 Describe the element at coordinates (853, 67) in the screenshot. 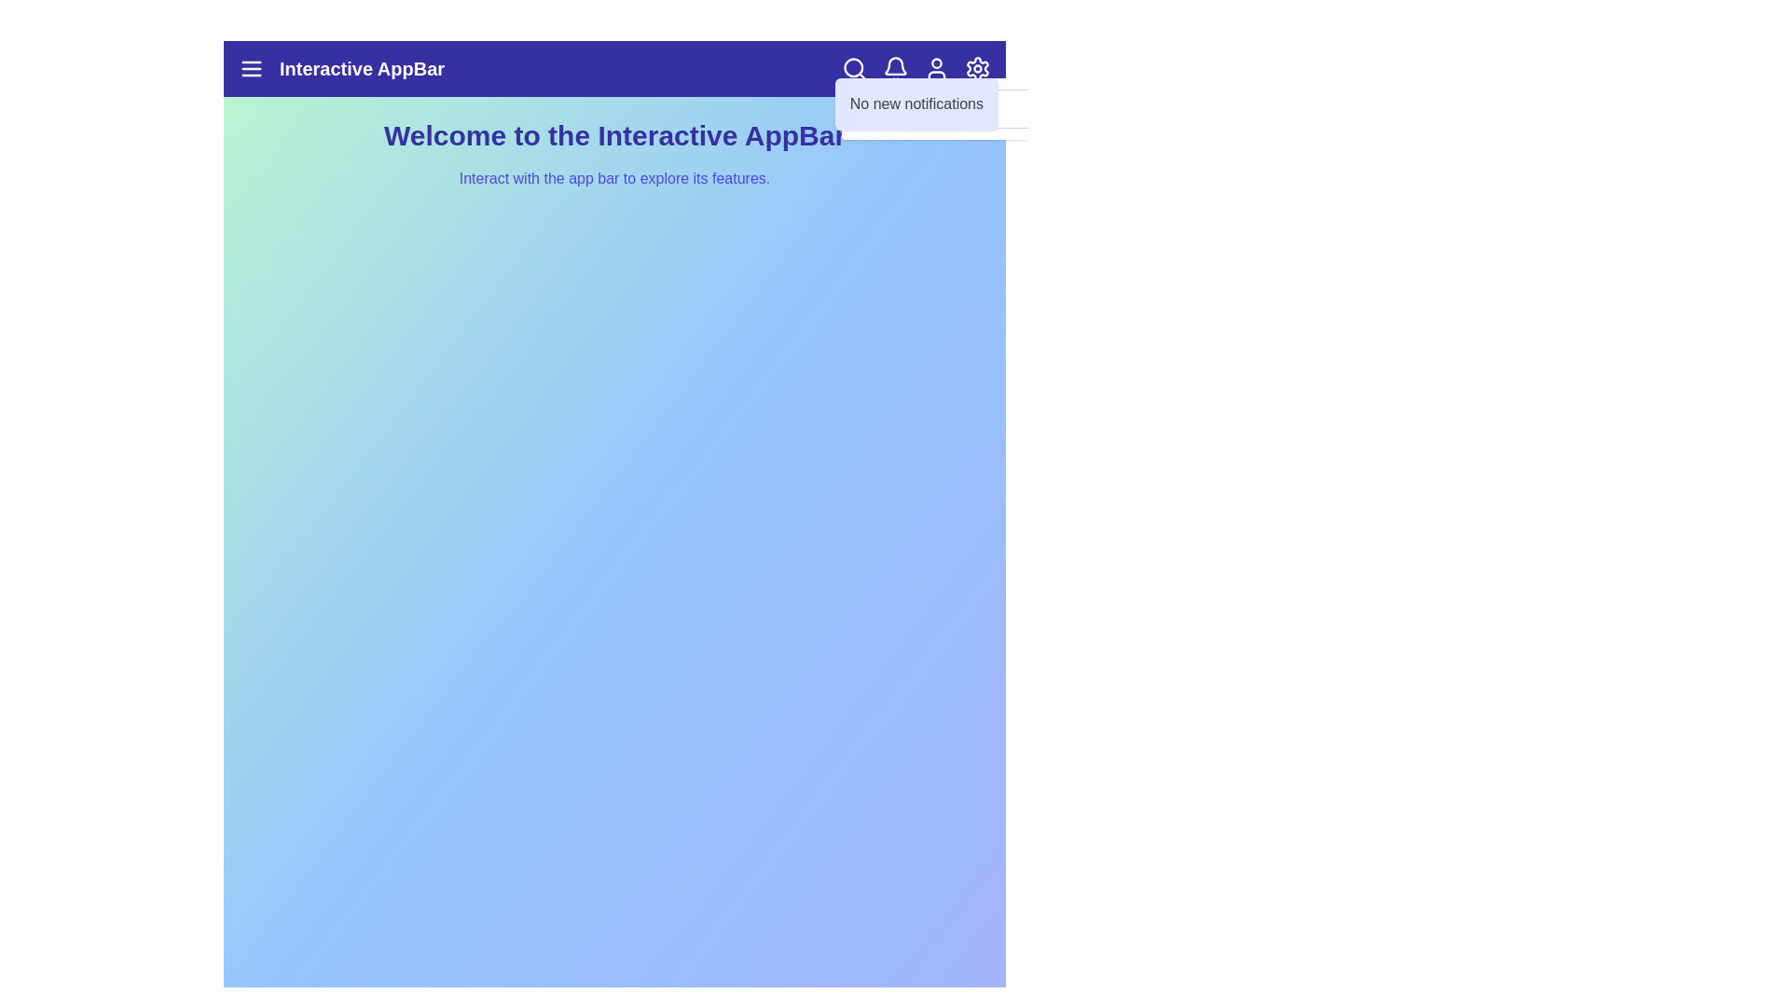

I see `the search icon to toggle the search bar visibility` at that location.